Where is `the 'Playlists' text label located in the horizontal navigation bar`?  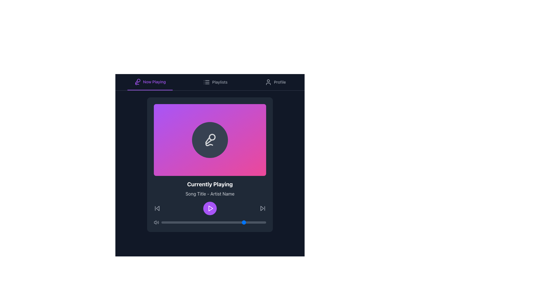 the 'Playlists' text label located in the horizontal navigation bar is located at coordinates (220, 82).